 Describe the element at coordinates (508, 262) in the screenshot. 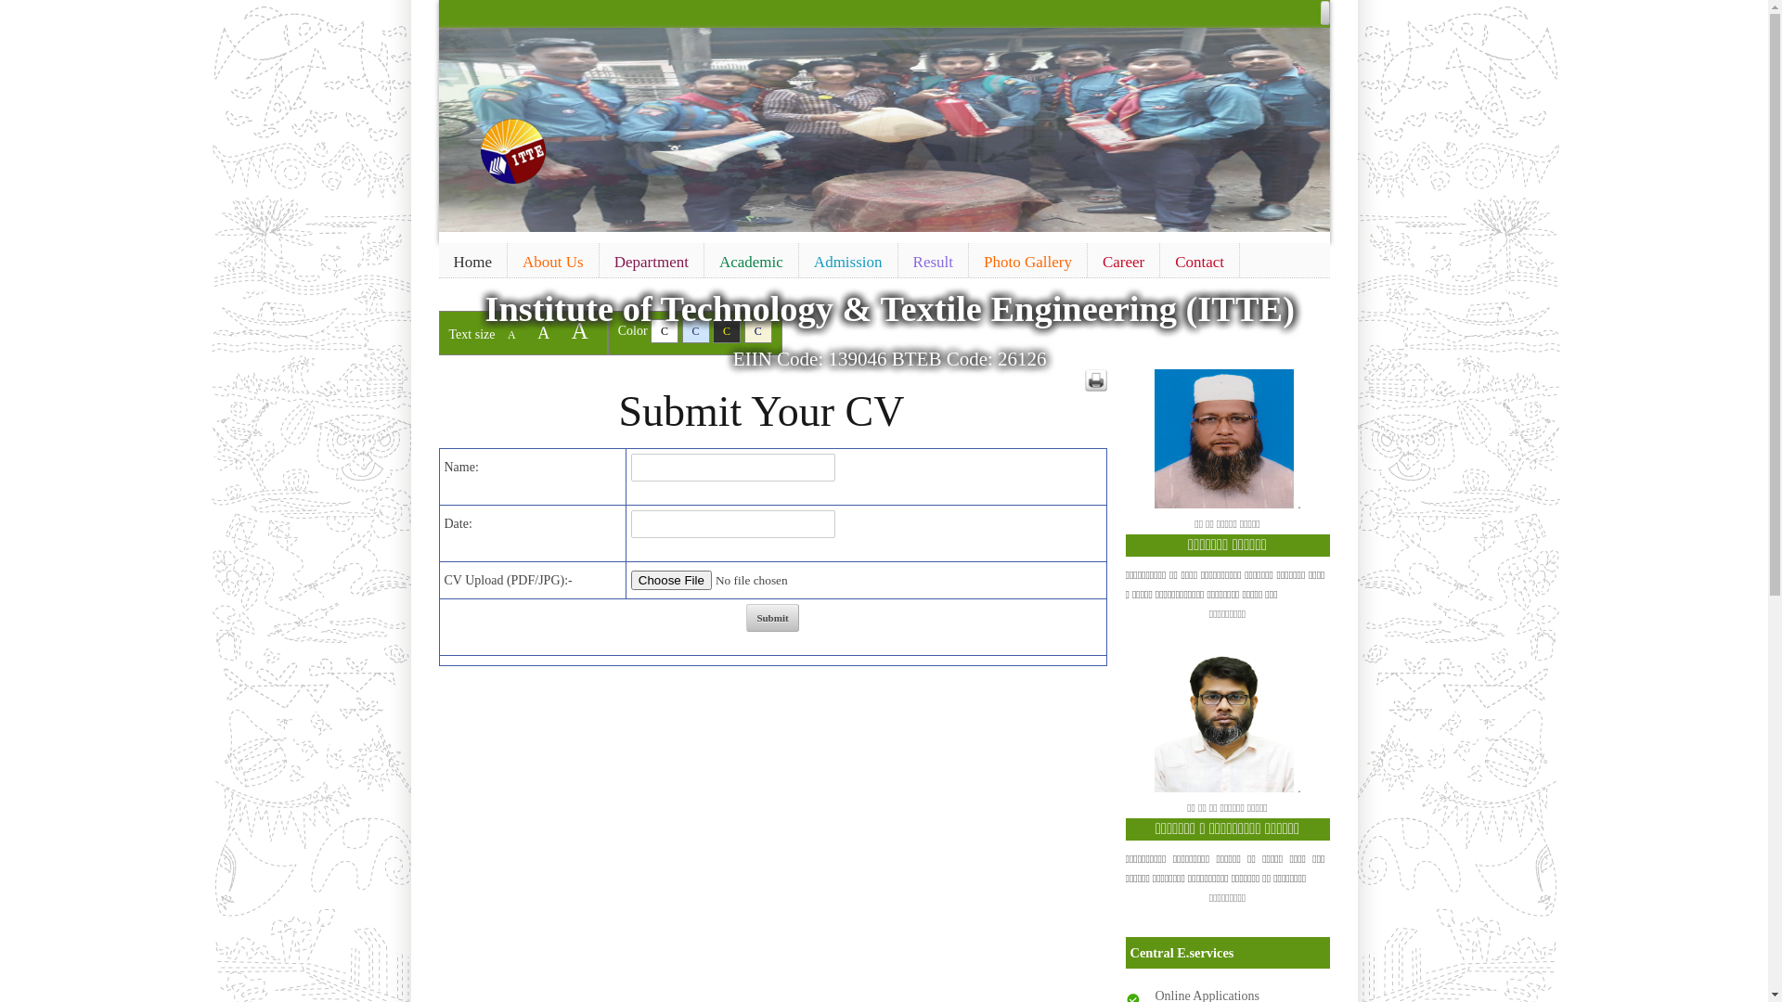

I see `'About Us'` at that location.